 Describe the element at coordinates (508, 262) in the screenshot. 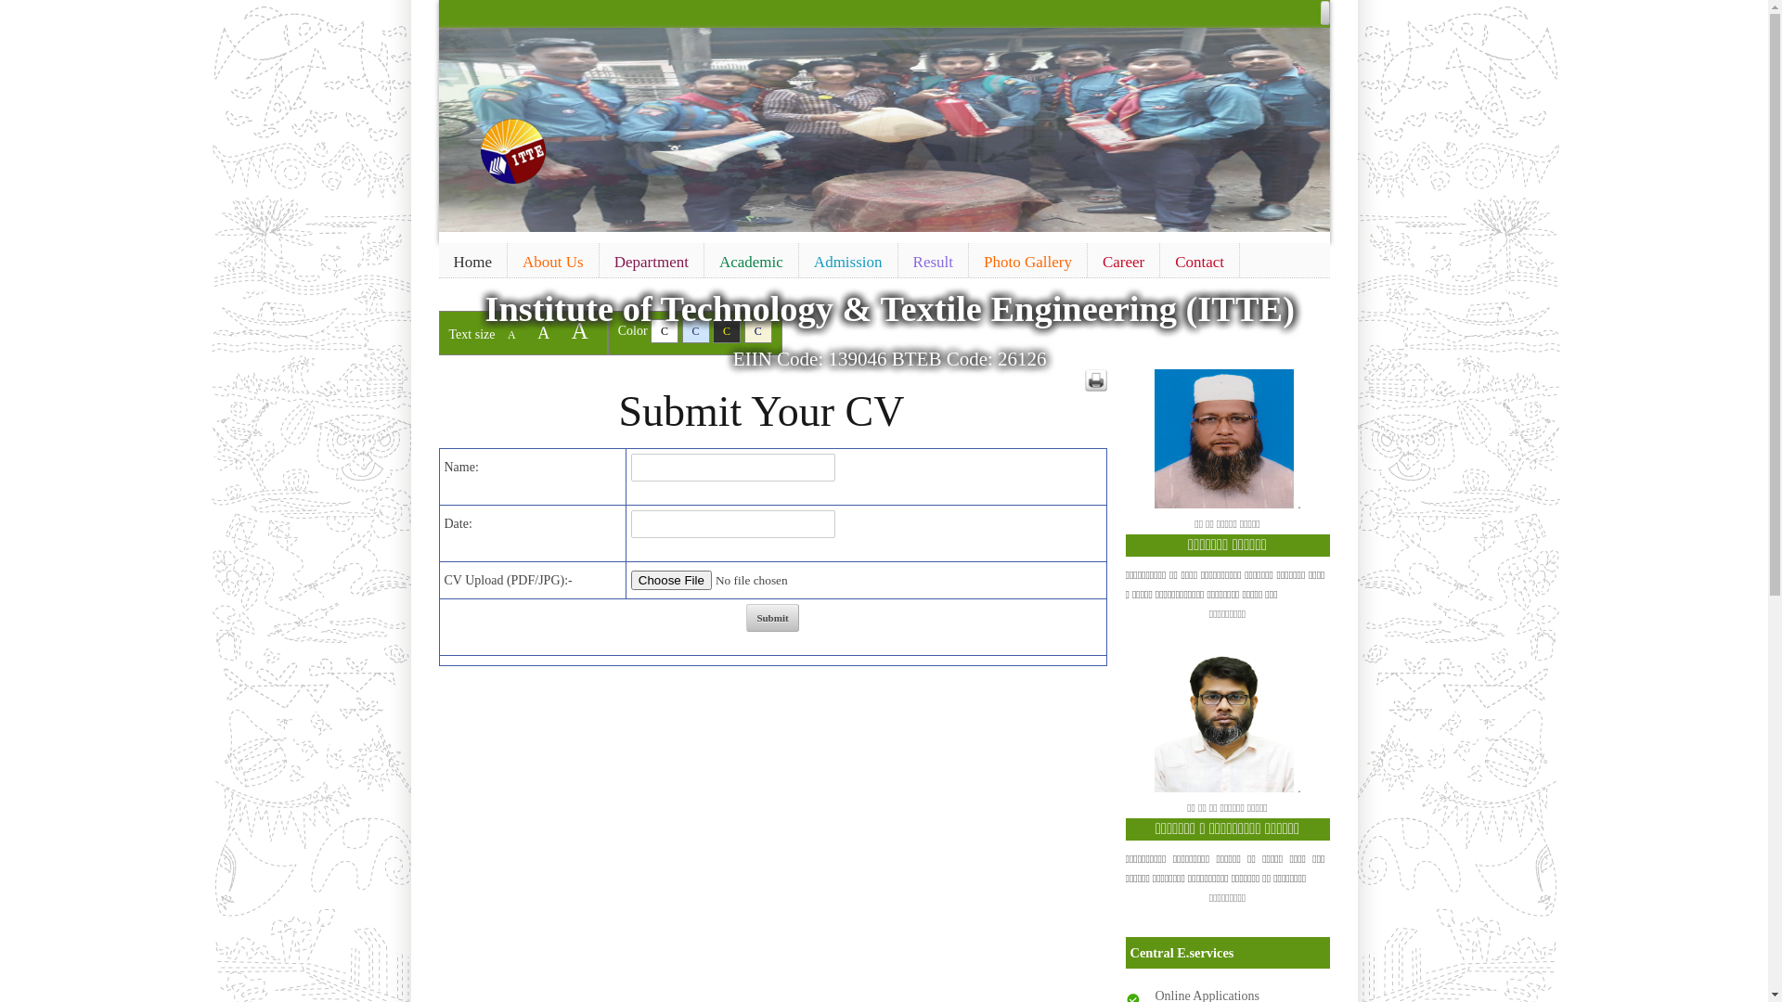

I see `'About Us'` at that location.